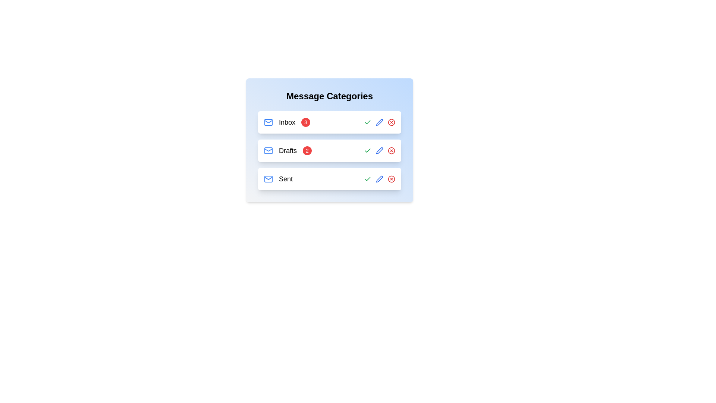 The width and height of the screenshot is (716, 403). Describe the element at coordinates (367, 122) in the screenshot. I see `the check mark button for the selected category` at that location.